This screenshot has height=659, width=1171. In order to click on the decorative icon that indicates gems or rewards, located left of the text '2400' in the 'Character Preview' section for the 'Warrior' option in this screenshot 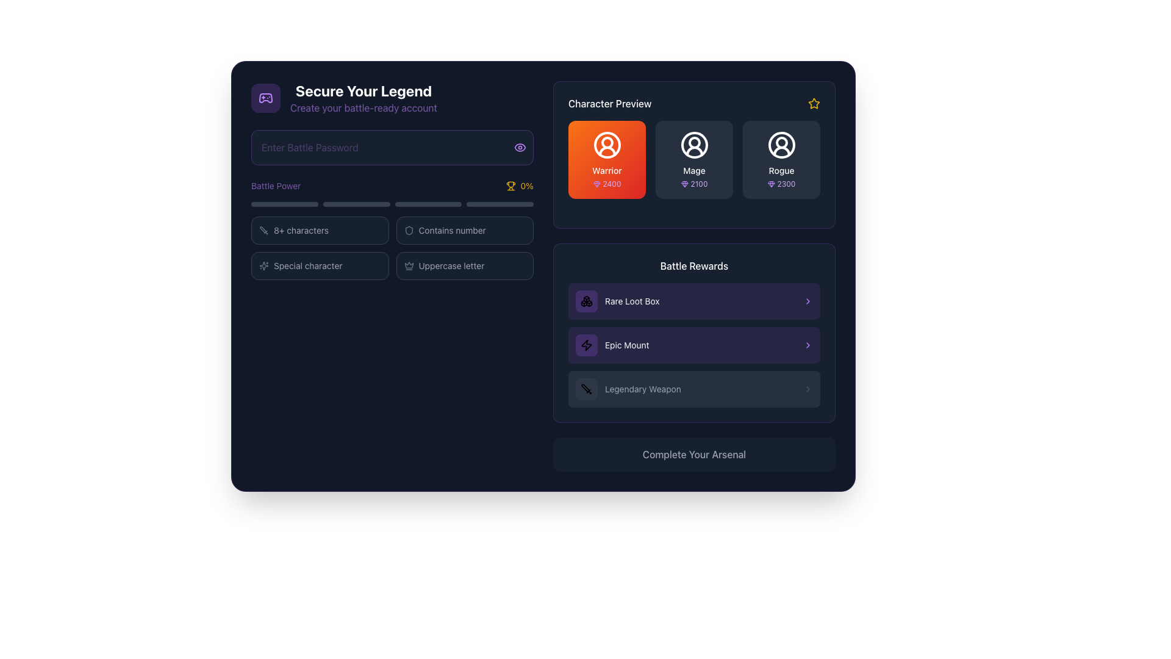, I will do `click(596, 184)`.